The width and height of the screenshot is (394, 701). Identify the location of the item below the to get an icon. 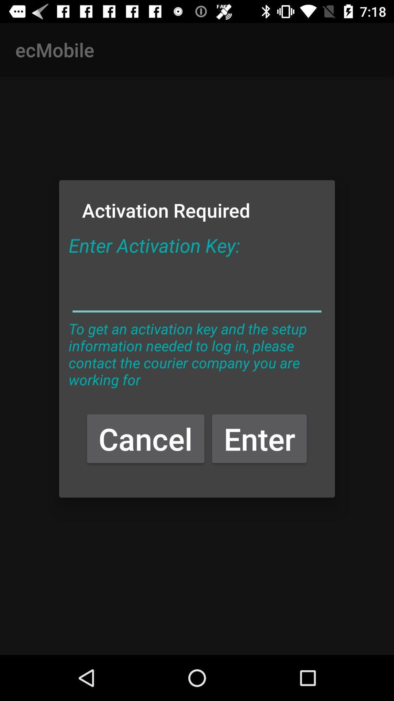
(146, 438).